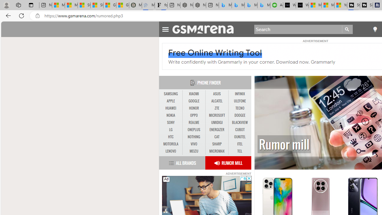 The height and width of the screenshot is (215, 382). Describe the element at coordinates (240, 122) in the screenshot. I see `'BLACKVIEW'` at that location.